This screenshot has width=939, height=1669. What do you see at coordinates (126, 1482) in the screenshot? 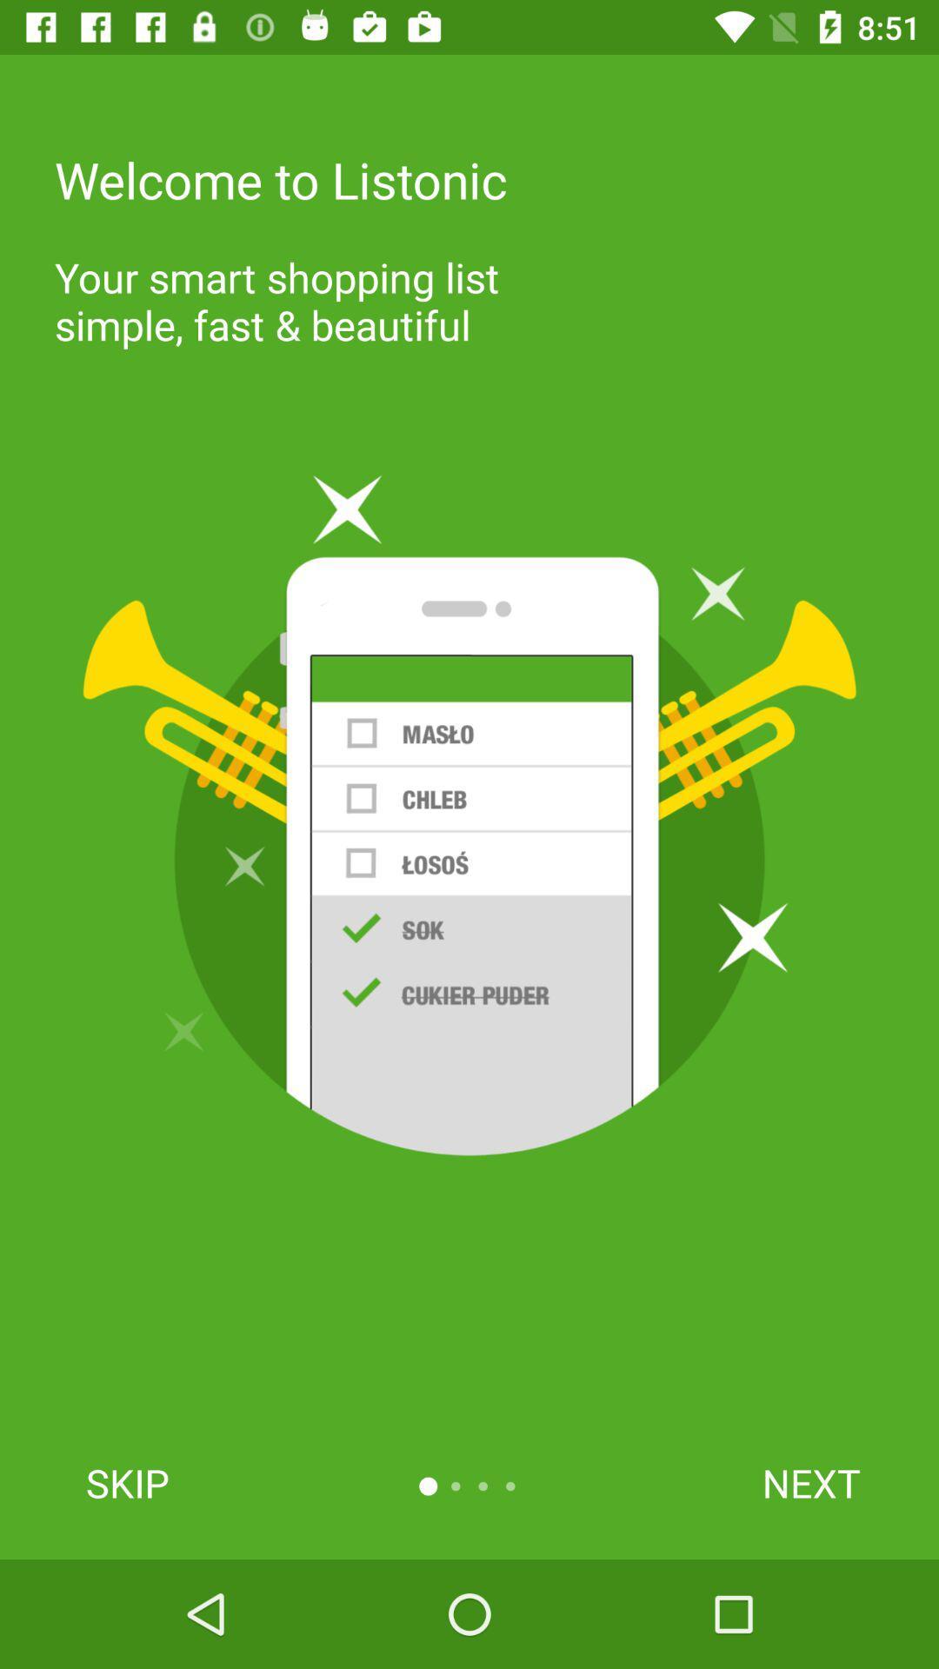
I see `the icon at the bottom left corner` at bounding box center [126, 1482].